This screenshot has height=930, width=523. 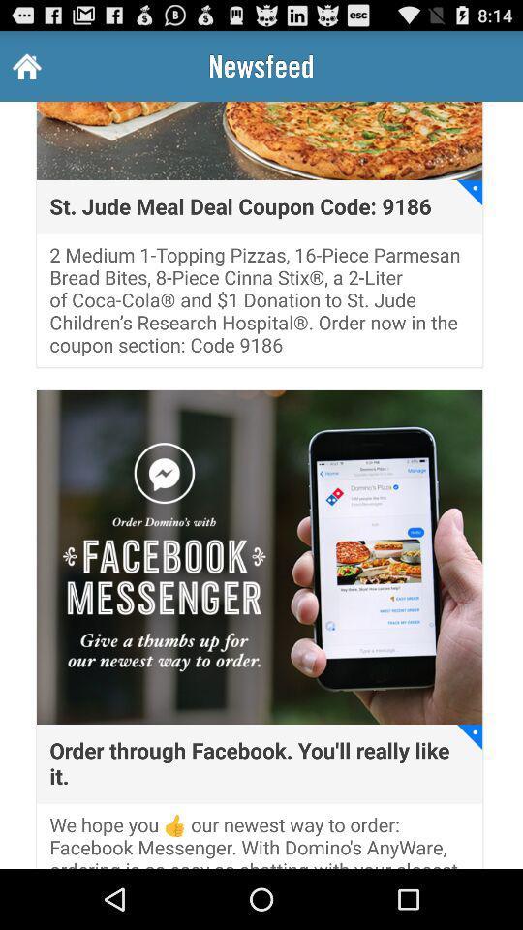 What do you see at coordinates (260, 305) in the screenshot?
I see `the 2 medium 1 icon` at bounding box center [260, 305].